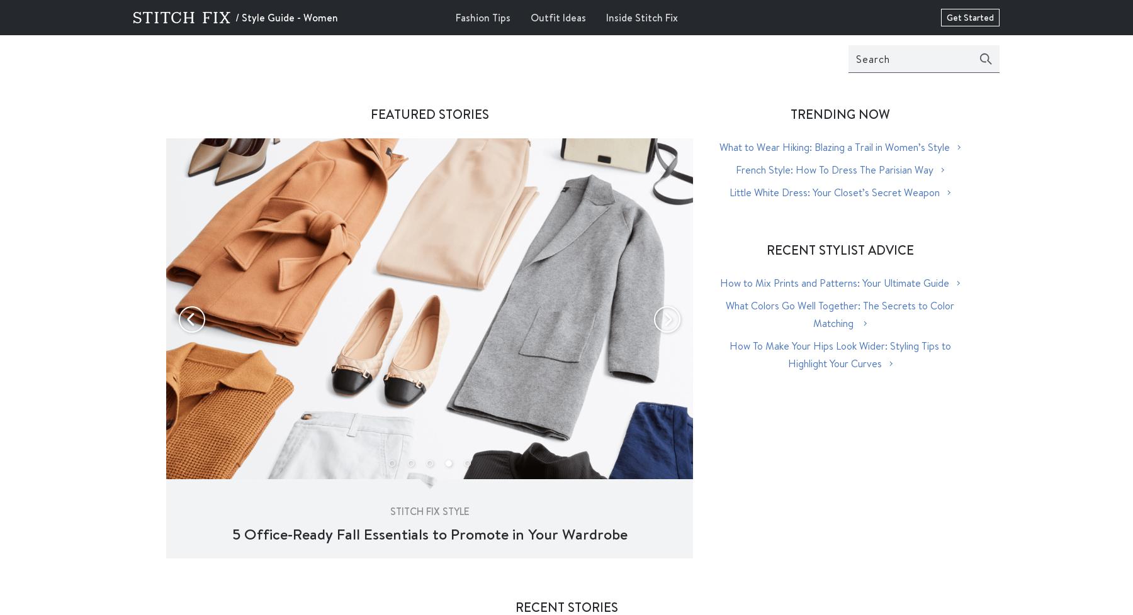 Image resolution: width=1133 pixels, height=615 pixels. Describe the element at coordinates (557, 17) in the screenshot. I see `'Outfit Ideas'` at that location.